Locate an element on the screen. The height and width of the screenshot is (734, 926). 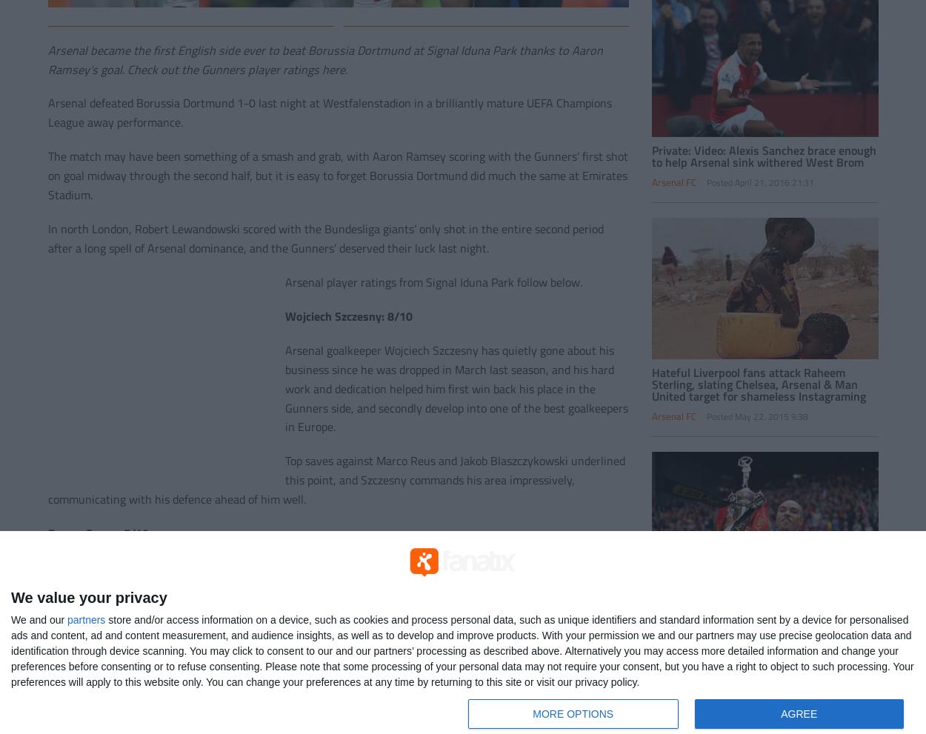
'Per Mertesacker was absolutely imperious at centre back for Arsenal, backing Arsene Wenger’s claim that he is one of the best defenders in the world tactically by always being in the right place at the right time against Borussia Dortmund.' is located at coordinates (47, 673).